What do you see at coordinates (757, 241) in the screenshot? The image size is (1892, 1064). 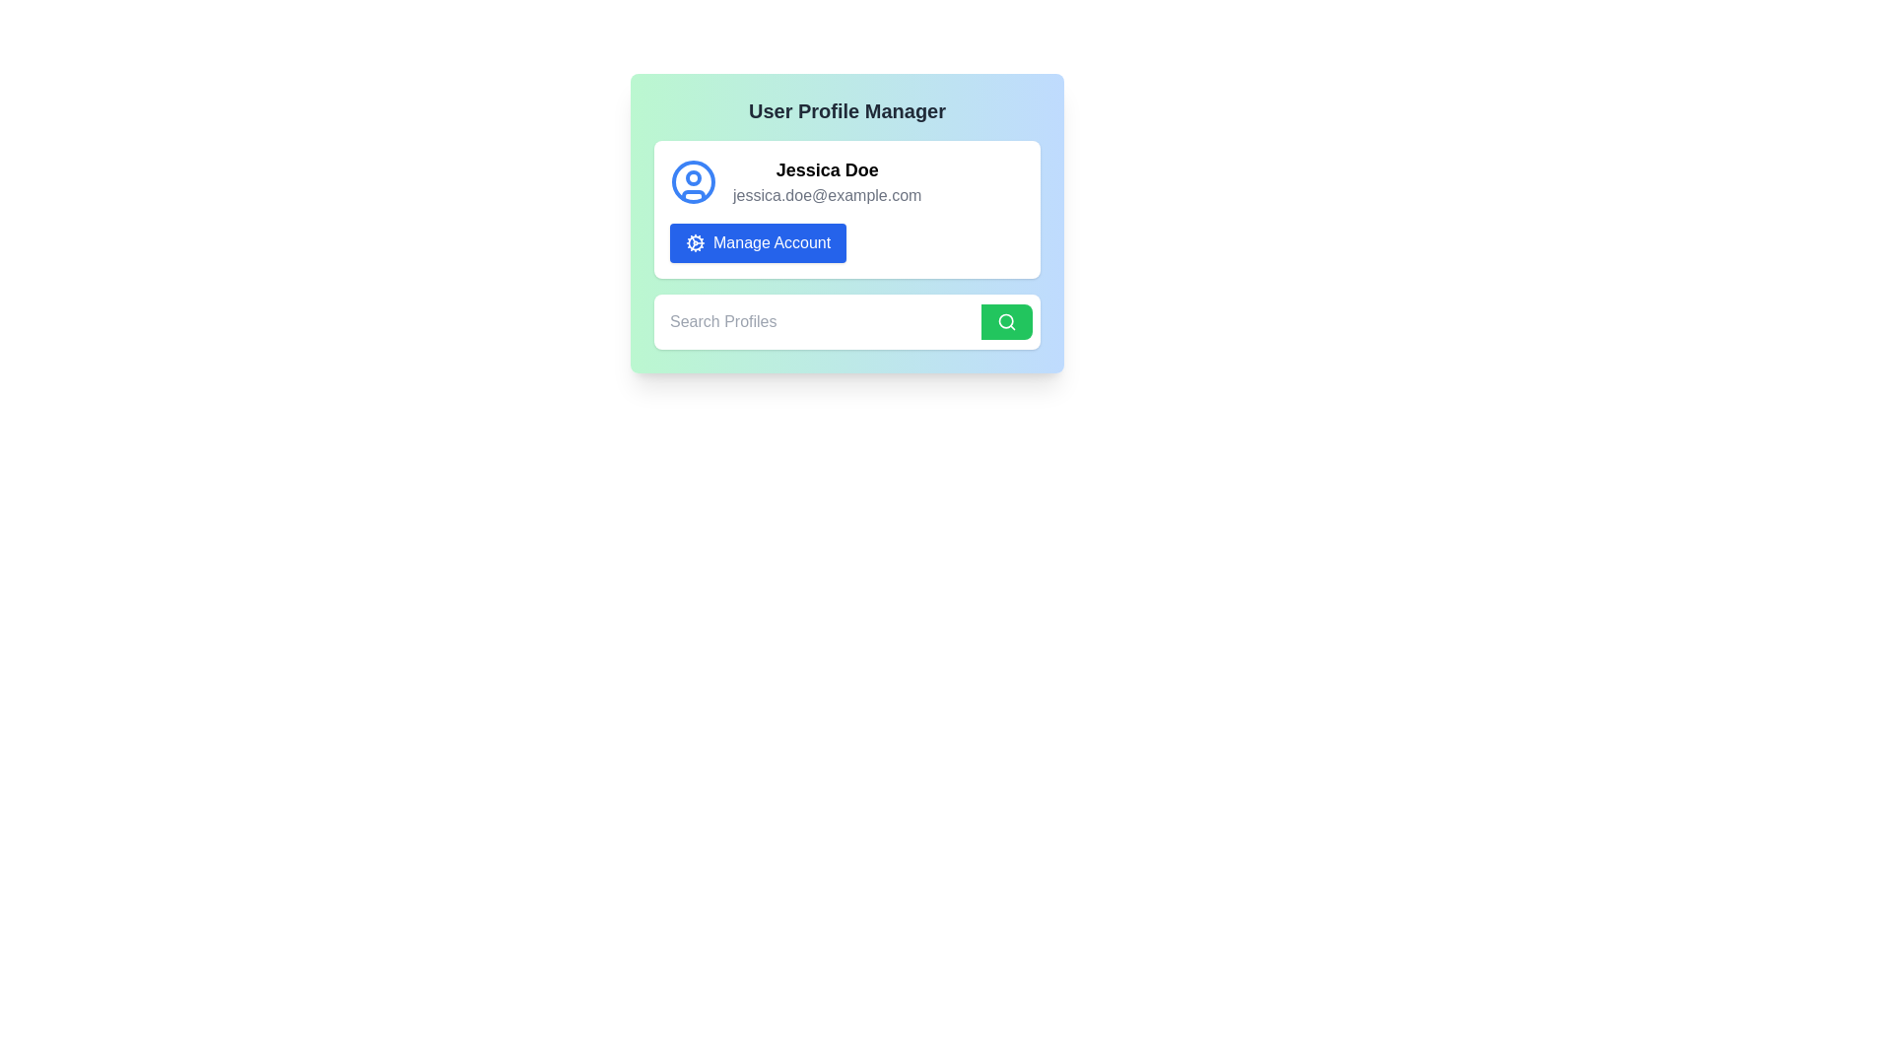 I see `the rectangular button with a blue background and white text reading 'Manage Account', located beneath the user profile name and email address` at bounding box center [757, 241].